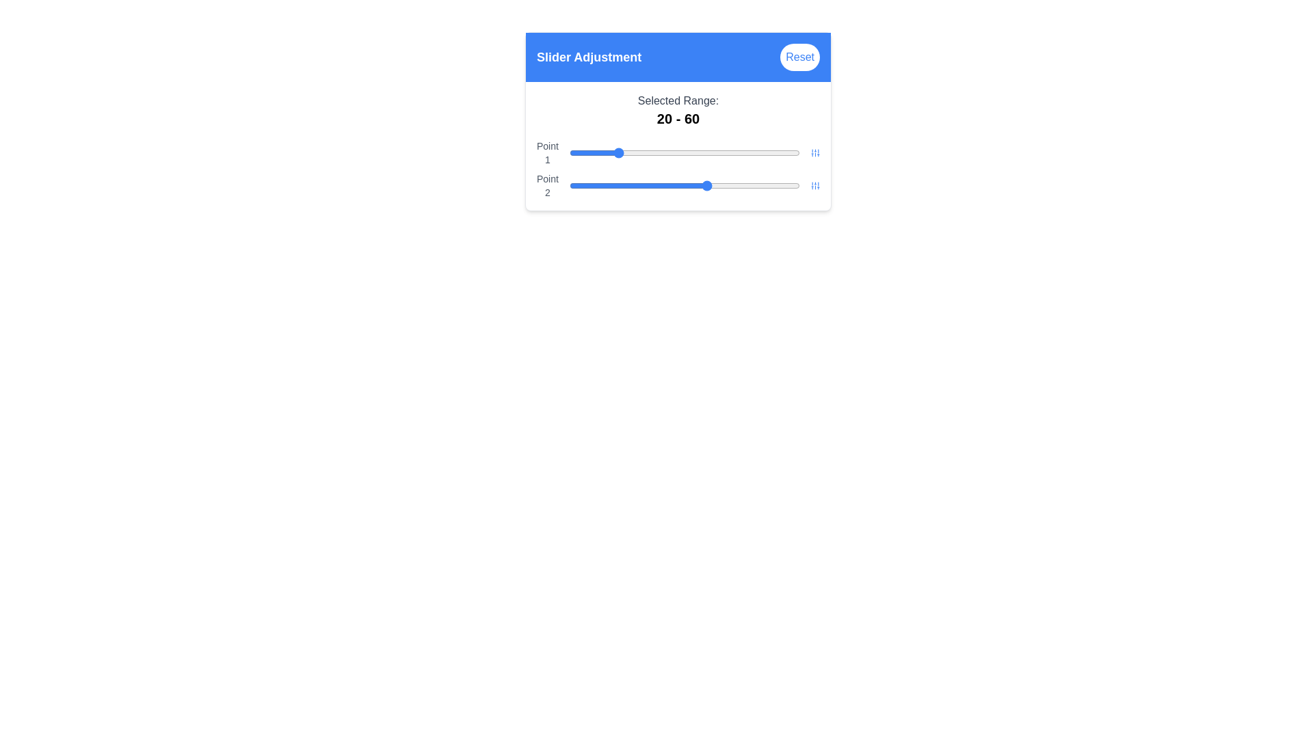 The image size is (1313, 738). Describe the element at coordinates (682, 186) in the screenshot. I see `the slider` at that location.